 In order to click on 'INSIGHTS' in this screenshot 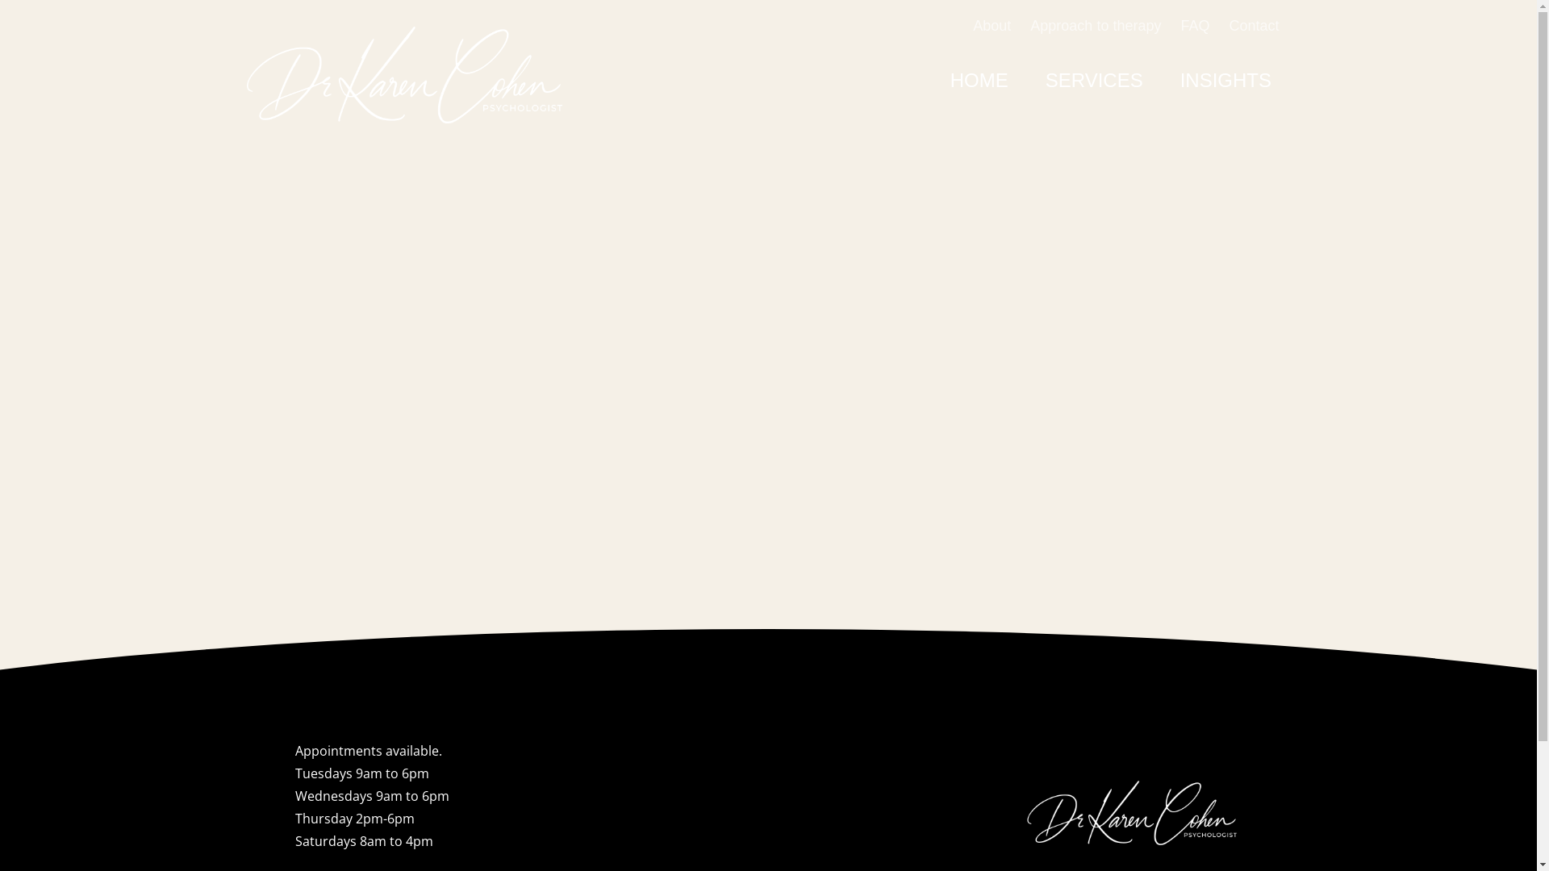, I will do `click(1225, 81)`.